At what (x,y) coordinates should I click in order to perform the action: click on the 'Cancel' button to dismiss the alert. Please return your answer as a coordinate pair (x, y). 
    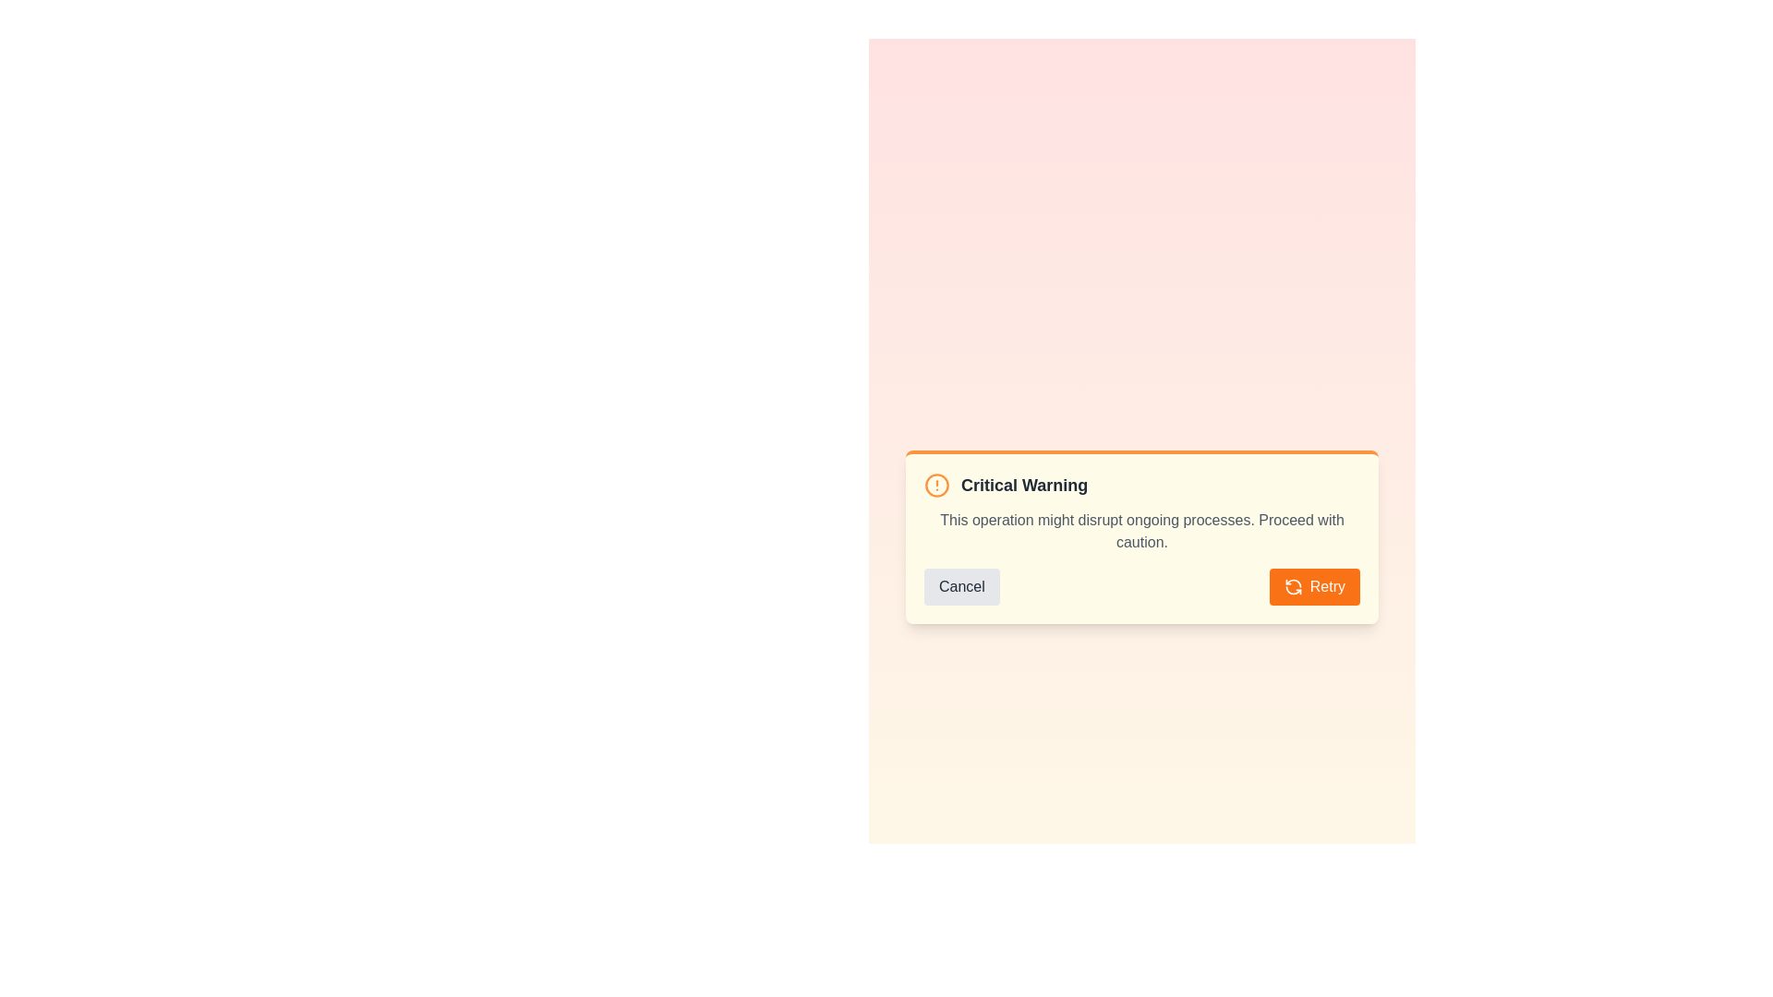
    Looking at the image, I should click on (960, 587).